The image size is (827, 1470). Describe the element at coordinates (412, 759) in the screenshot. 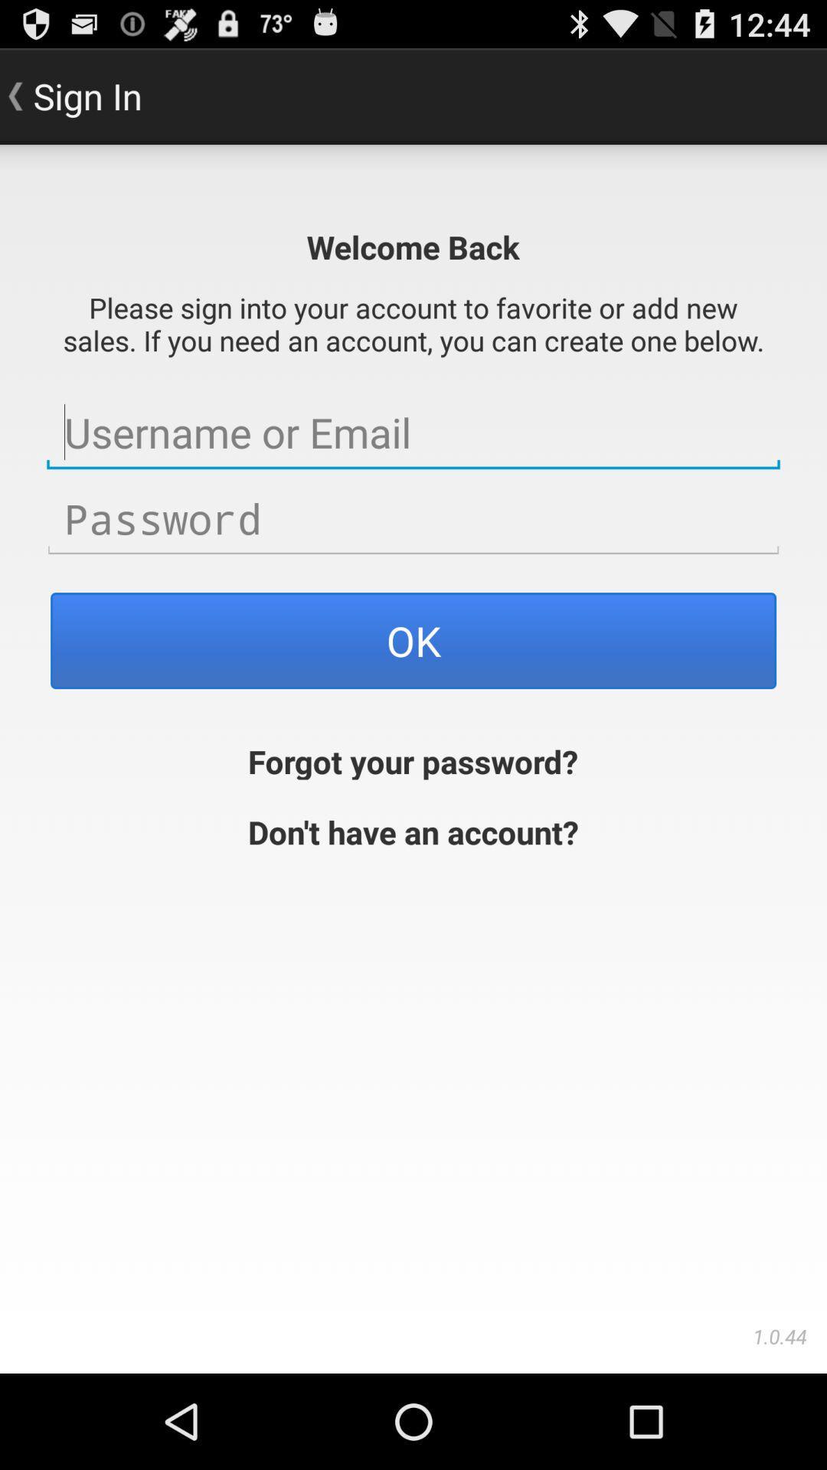

I see `forgot your password?` at that location.